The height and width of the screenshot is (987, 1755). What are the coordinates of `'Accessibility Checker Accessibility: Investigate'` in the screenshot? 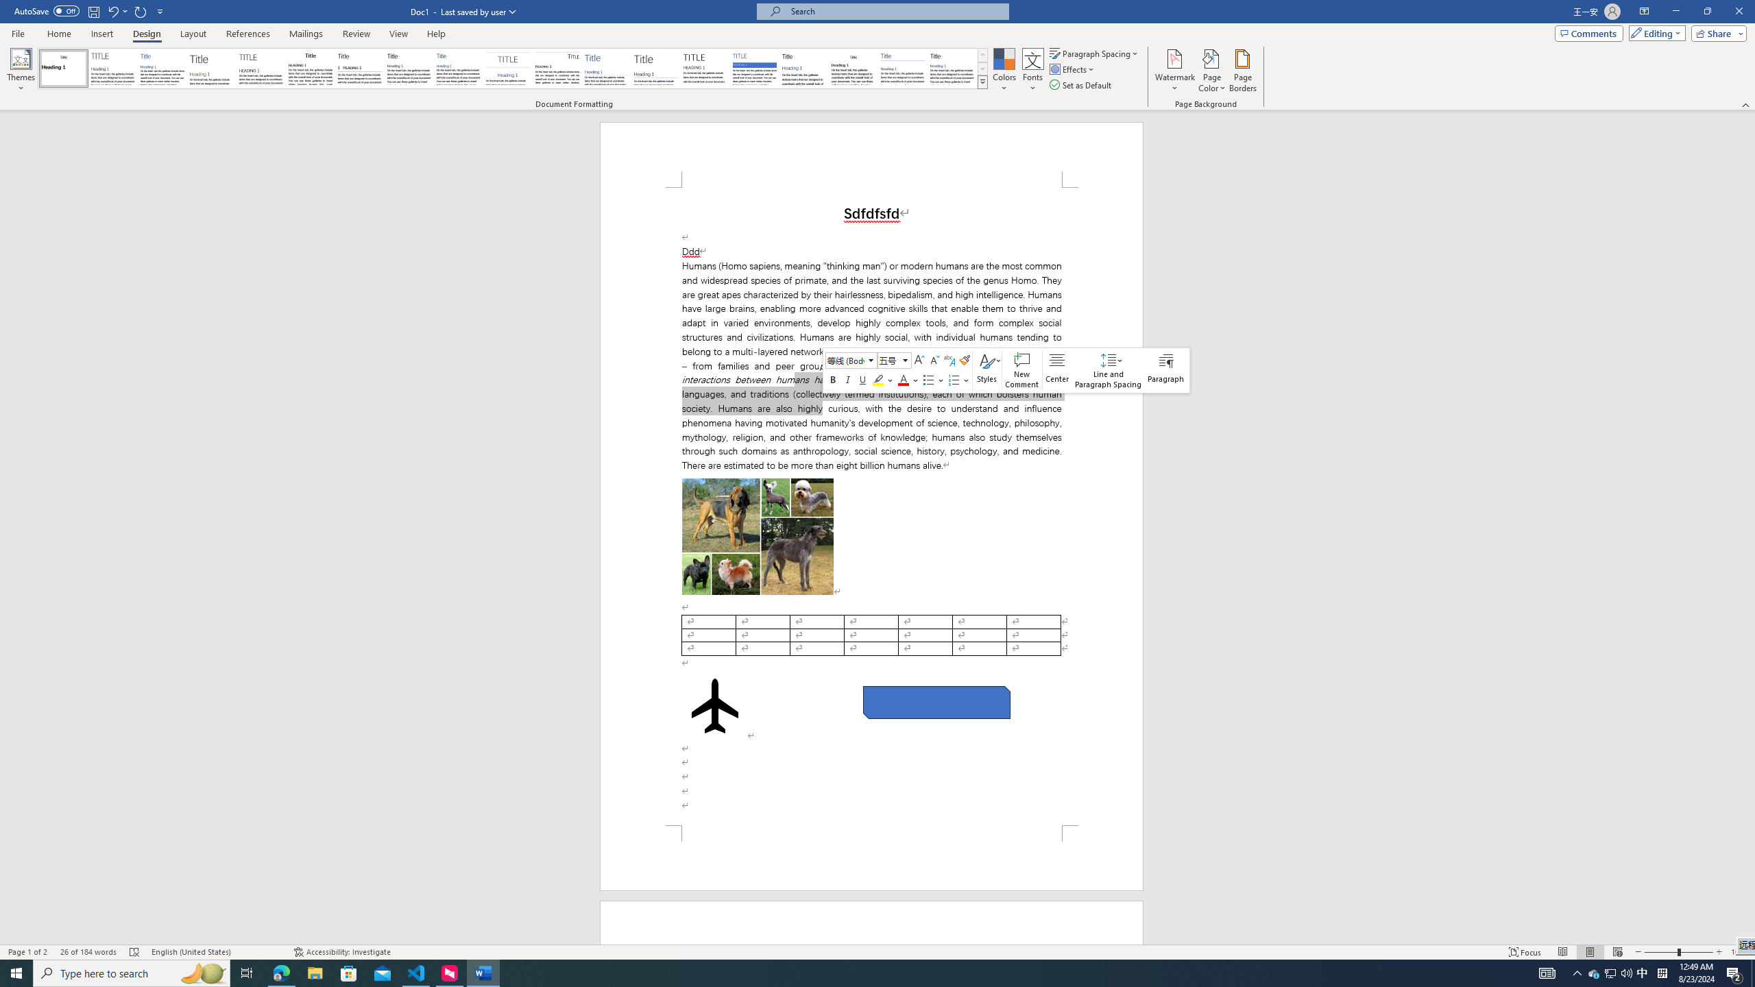 It's located at (341, 952).